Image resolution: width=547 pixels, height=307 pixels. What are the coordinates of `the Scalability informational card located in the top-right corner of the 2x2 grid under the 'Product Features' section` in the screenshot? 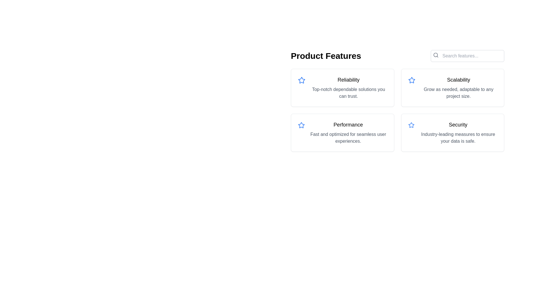 It's located at (452, 88).